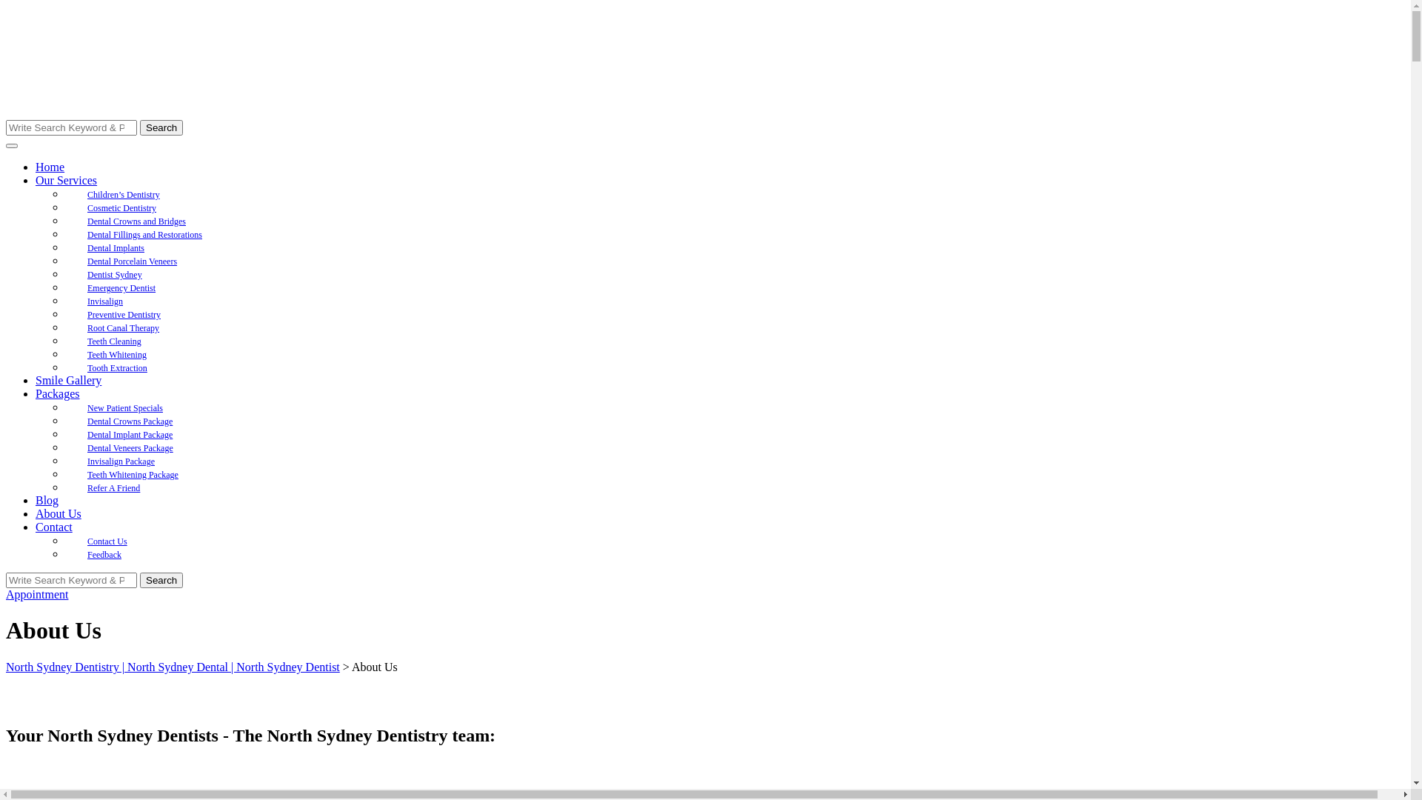 Image resolution: width=1422 pixels, height=800 pixels. I want to click on 'Refer A Friend', so click(64, 488).